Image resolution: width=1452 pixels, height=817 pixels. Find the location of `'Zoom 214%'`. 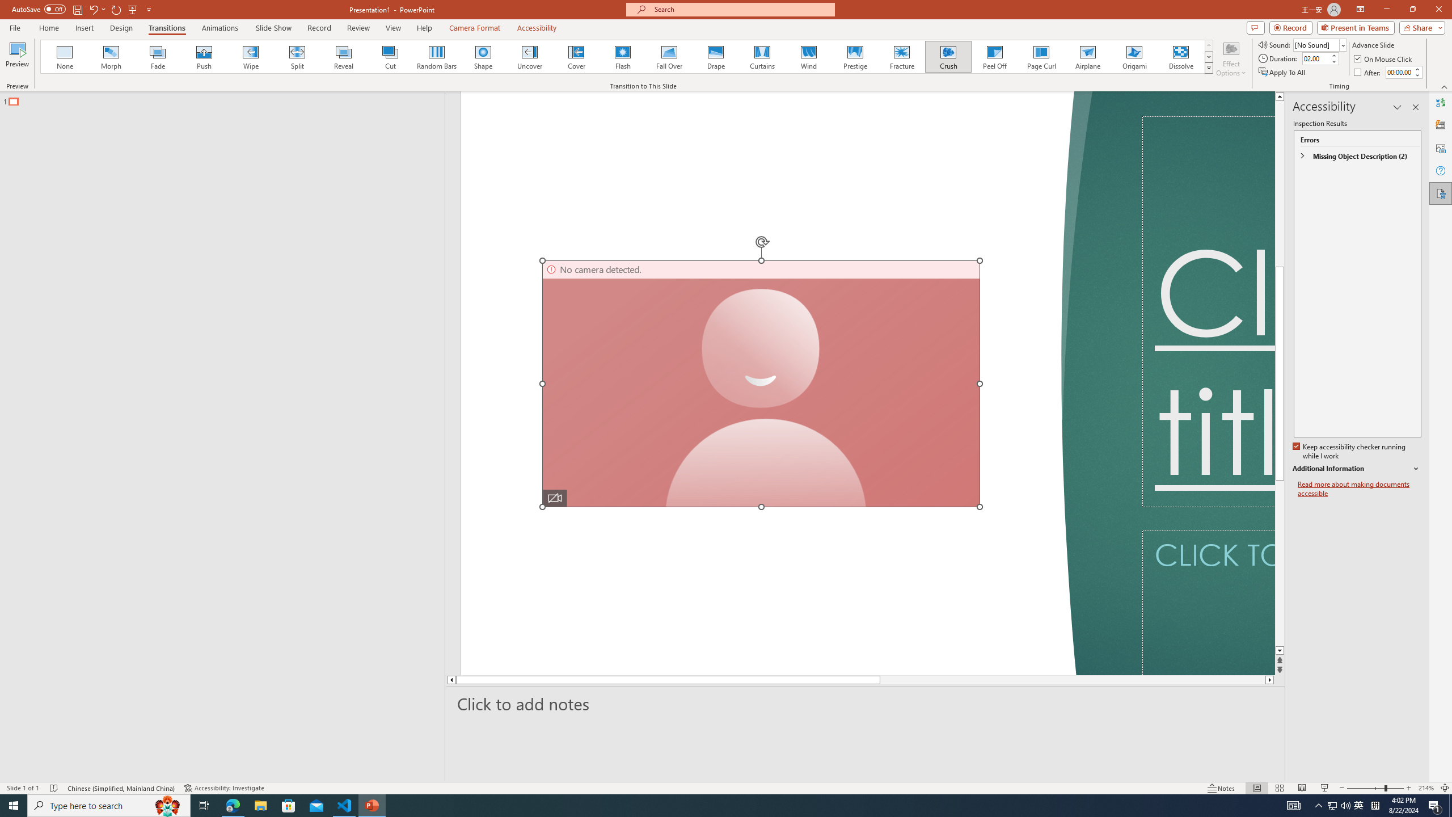

'Zoom 214%' is located at coordinates (1426, 788).